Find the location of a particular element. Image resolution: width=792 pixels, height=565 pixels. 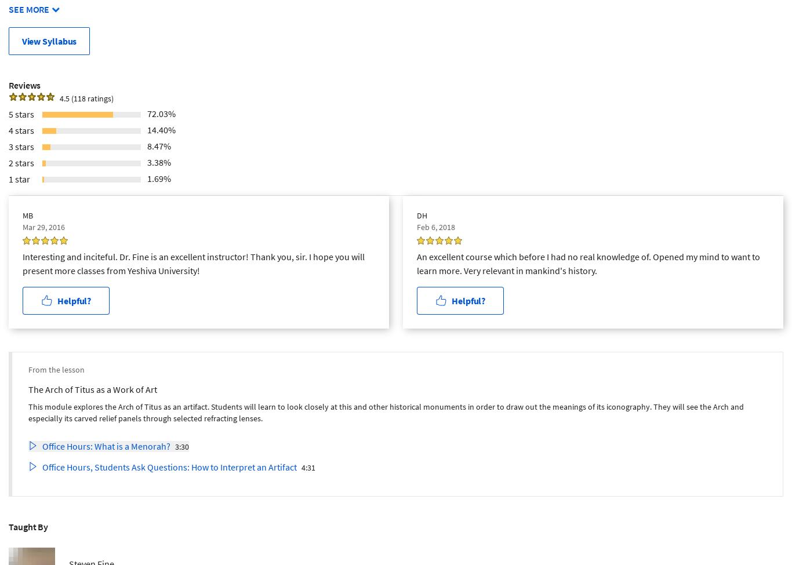

'SEE MORE' is located at coordinates (28, 9).